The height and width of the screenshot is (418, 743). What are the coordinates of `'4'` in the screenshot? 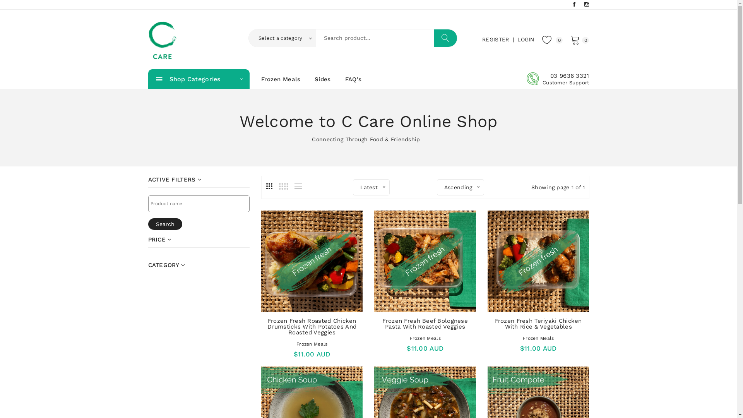 It's located at (283, 186).